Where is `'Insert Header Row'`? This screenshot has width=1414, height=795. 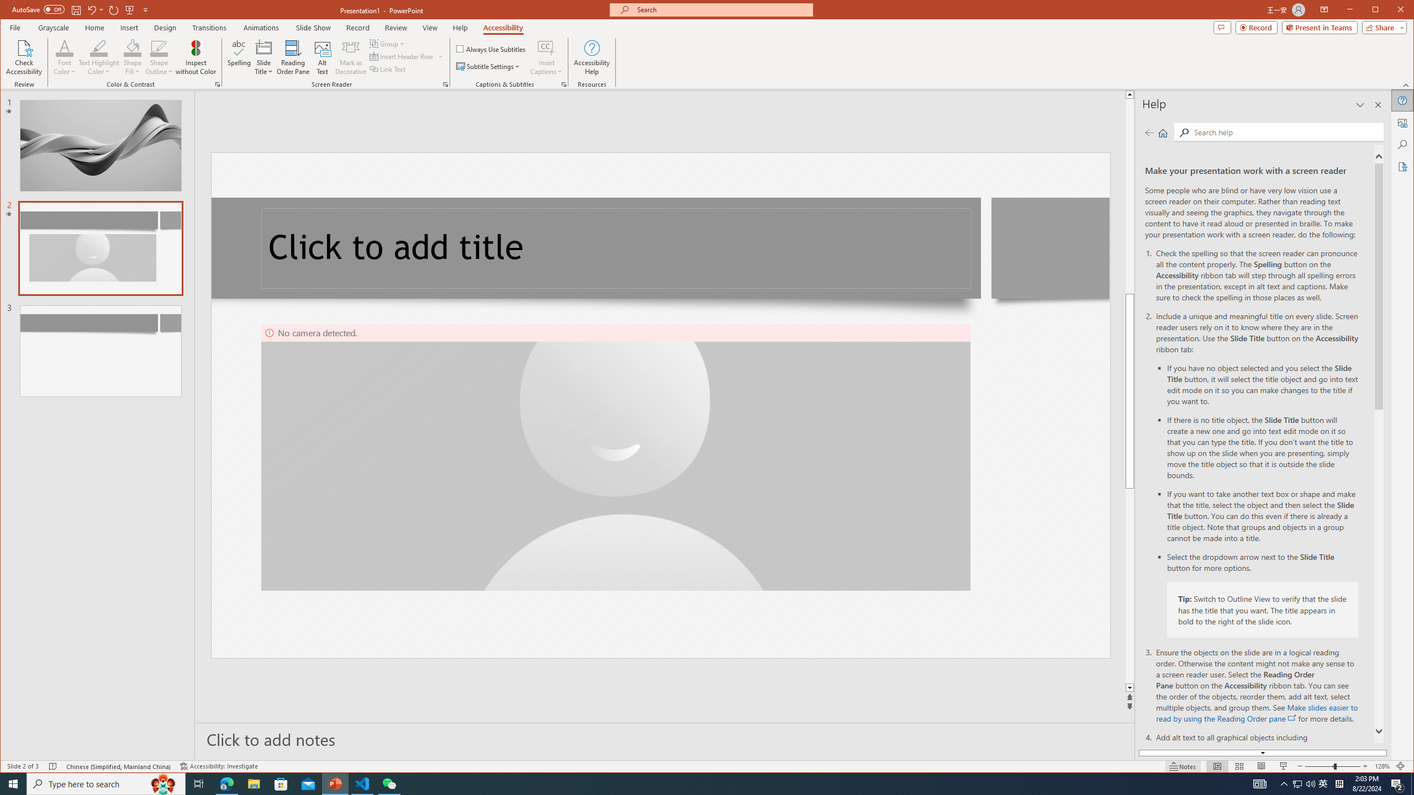 'Insert Header Row' is located at coordinates (406, 56).